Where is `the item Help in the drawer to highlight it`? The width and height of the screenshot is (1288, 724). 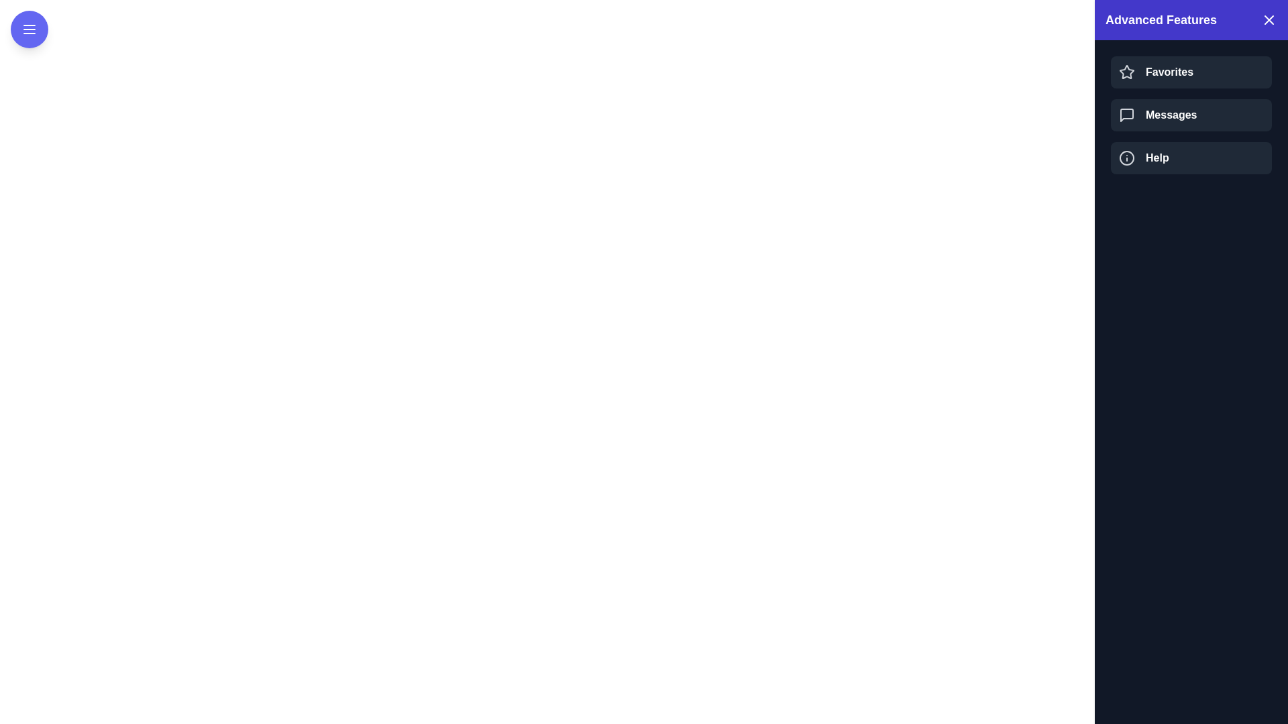
the item Help in the drawer to highlight it is located at coordinates (1191, 157).